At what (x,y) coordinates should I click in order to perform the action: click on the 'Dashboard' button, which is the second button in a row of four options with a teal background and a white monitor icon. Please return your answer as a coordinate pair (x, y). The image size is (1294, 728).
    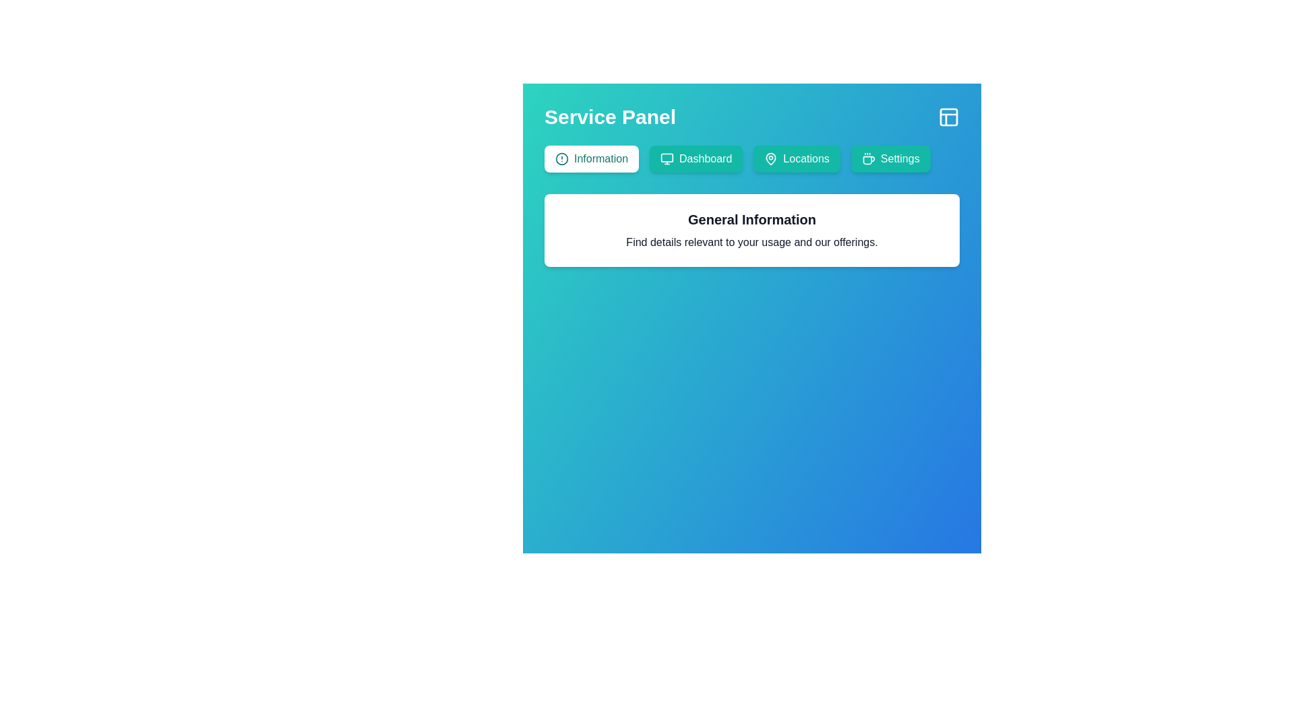
    Looking at the image, I should click on (696, 158).